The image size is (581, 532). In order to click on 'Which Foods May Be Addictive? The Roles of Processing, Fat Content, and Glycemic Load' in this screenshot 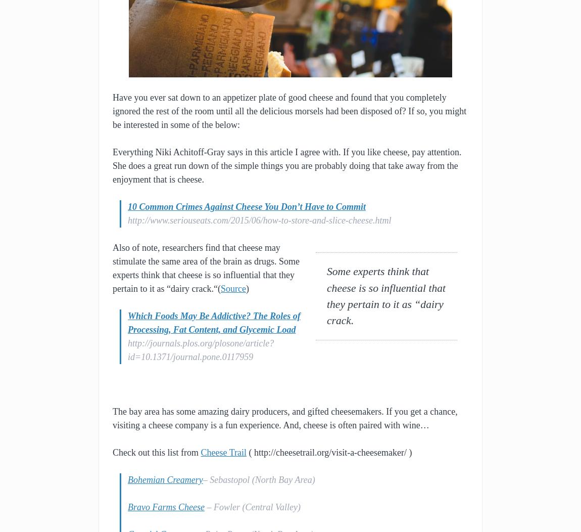, I will do `click(214, 323)`.